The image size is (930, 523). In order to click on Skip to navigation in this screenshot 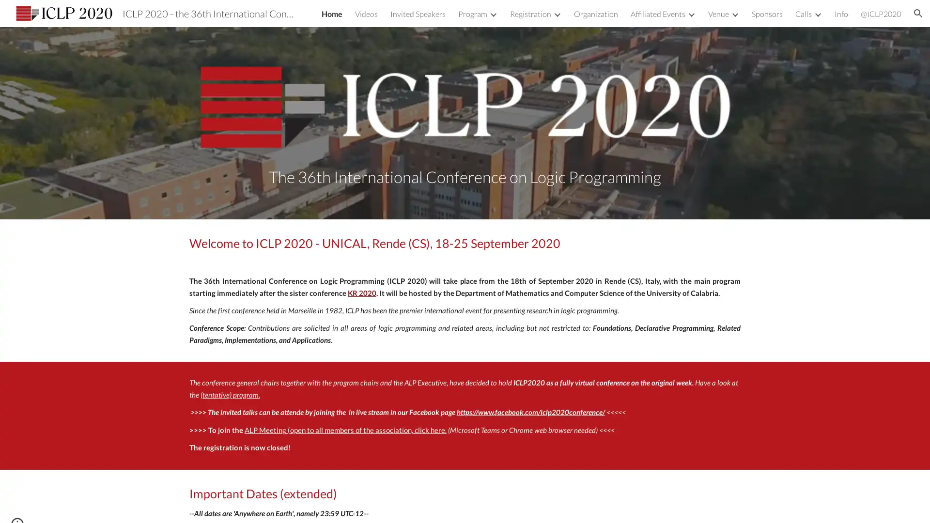, I will do `click(552, 18)`.